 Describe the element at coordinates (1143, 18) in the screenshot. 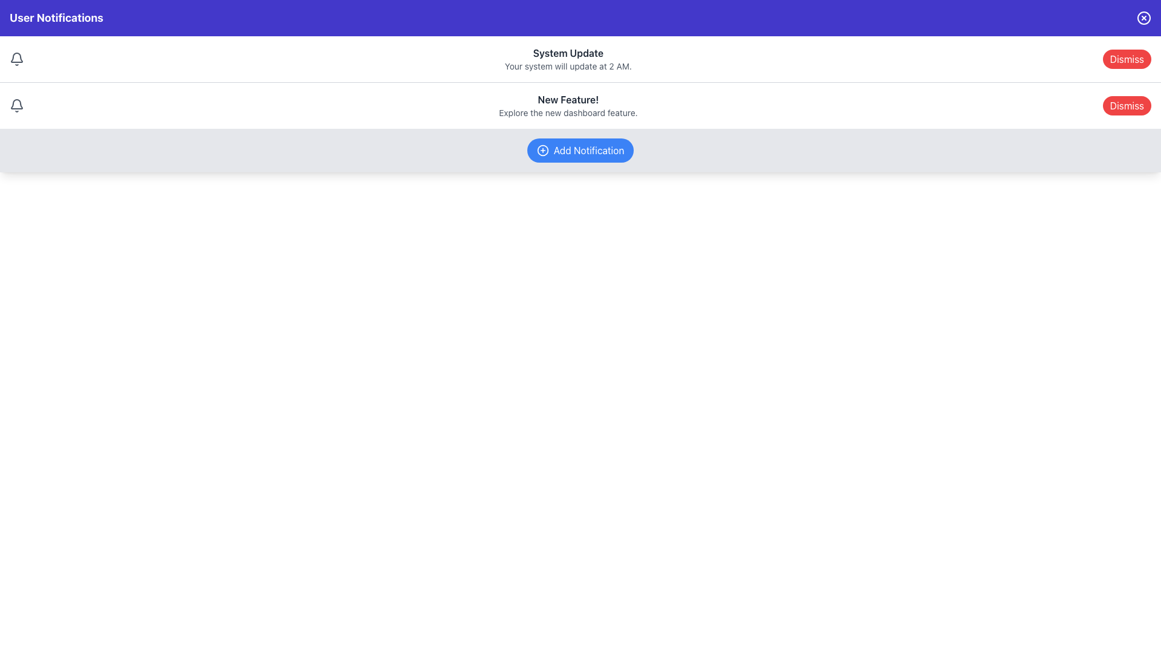

I see `the circular icon button with an 'X' shape in the top-right corner of the header bar` at that location.